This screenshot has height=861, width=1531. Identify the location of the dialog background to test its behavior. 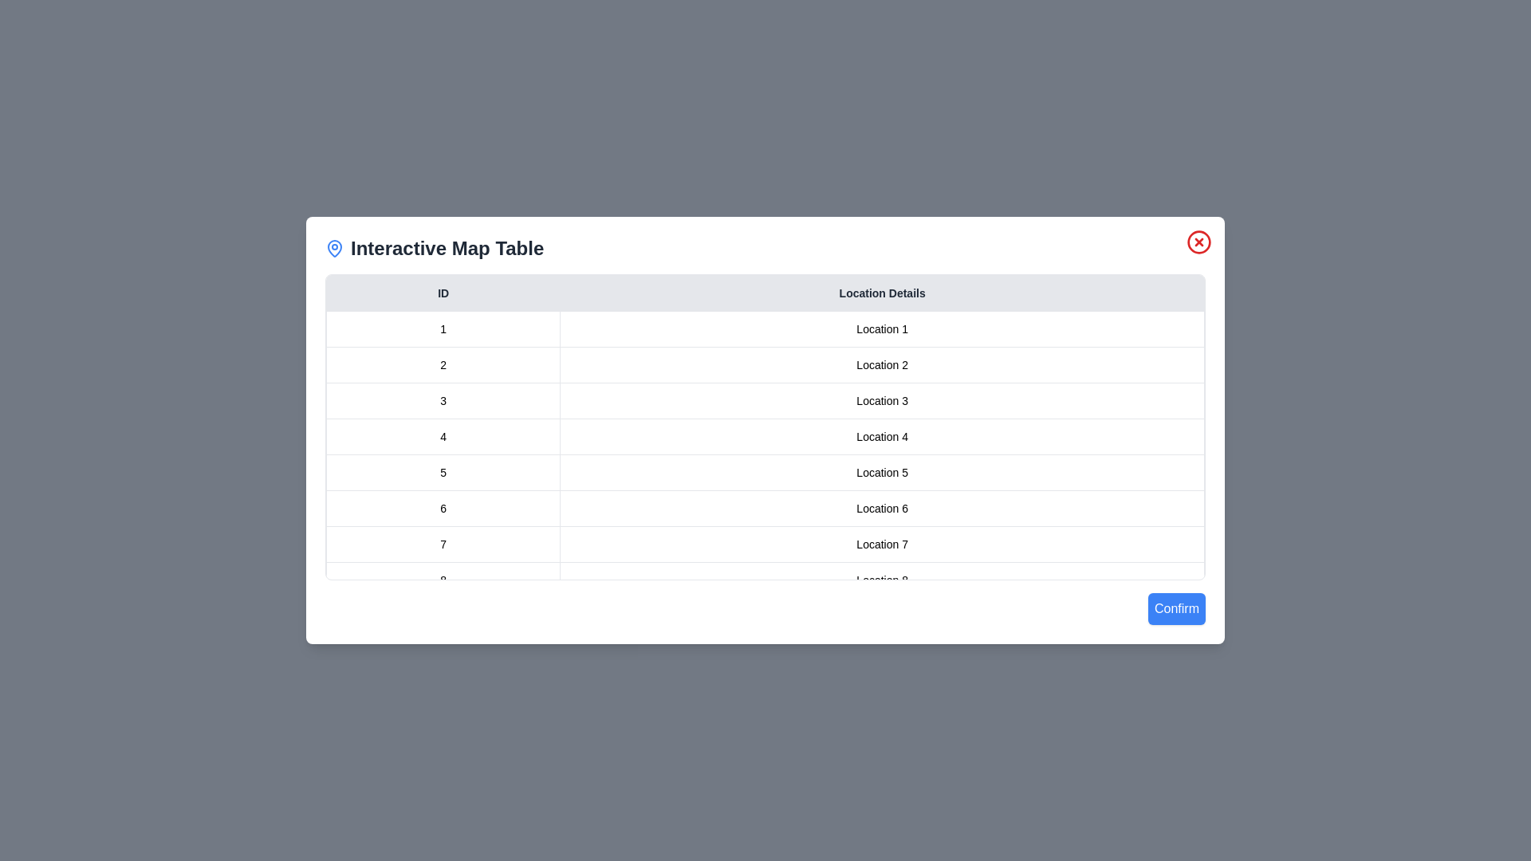
(765, 431).